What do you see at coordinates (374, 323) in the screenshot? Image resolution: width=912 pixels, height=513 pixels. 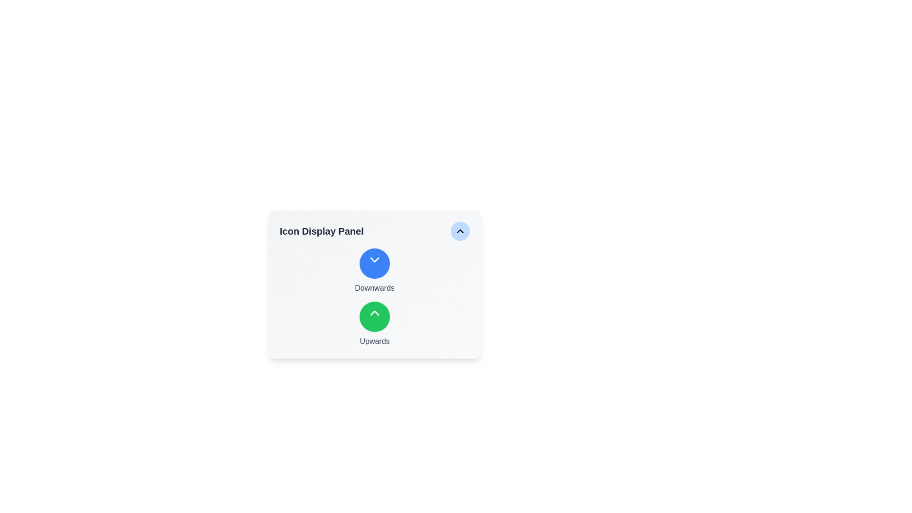 I see `the second button in a vertically stacked layout within the panel, which represents an upward navigation function` at bounding box center [374, 323].